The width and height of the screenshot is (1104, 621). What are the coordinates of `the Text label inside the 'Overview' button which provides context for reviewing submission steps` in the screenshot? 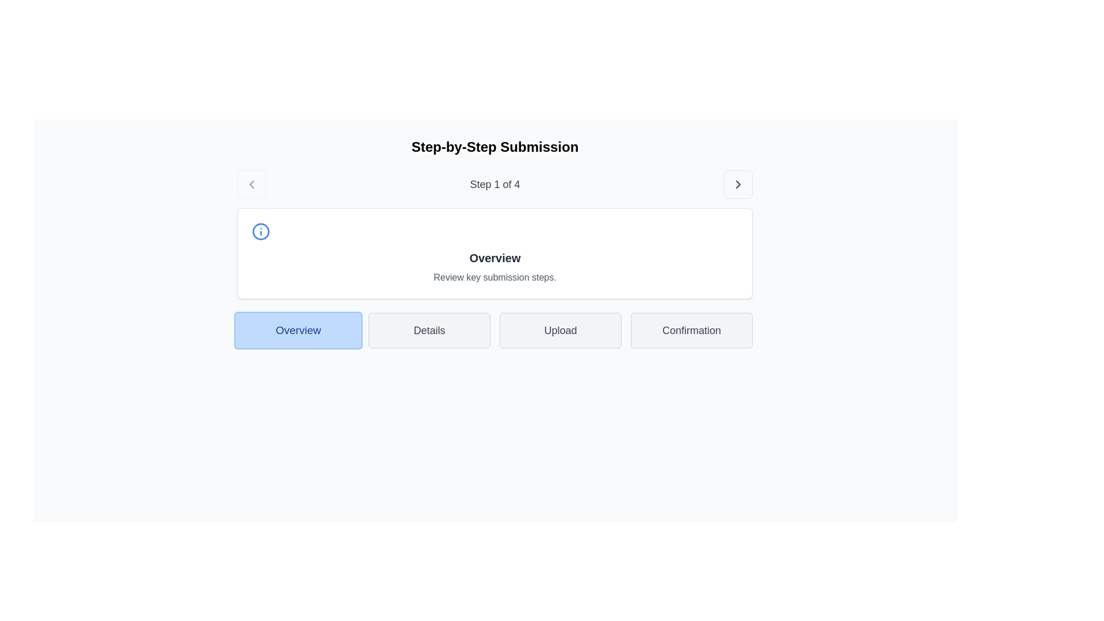 It's located at (298, 330).